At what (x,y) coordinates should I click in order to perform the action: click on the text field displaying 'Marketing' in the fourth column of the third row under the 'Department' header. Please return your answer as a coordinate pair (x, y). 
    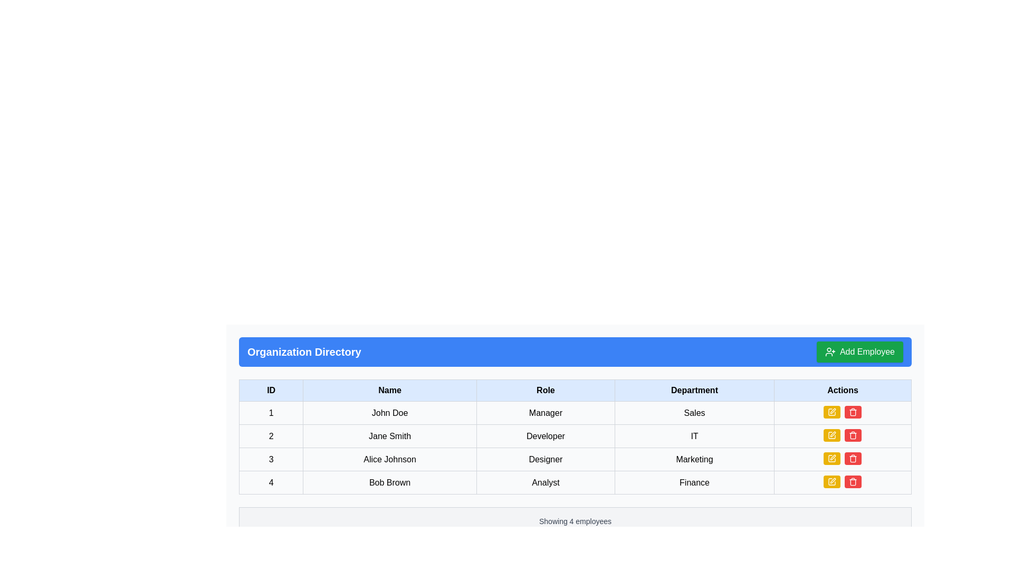
    Looking at the image, I should click on (694, 459).